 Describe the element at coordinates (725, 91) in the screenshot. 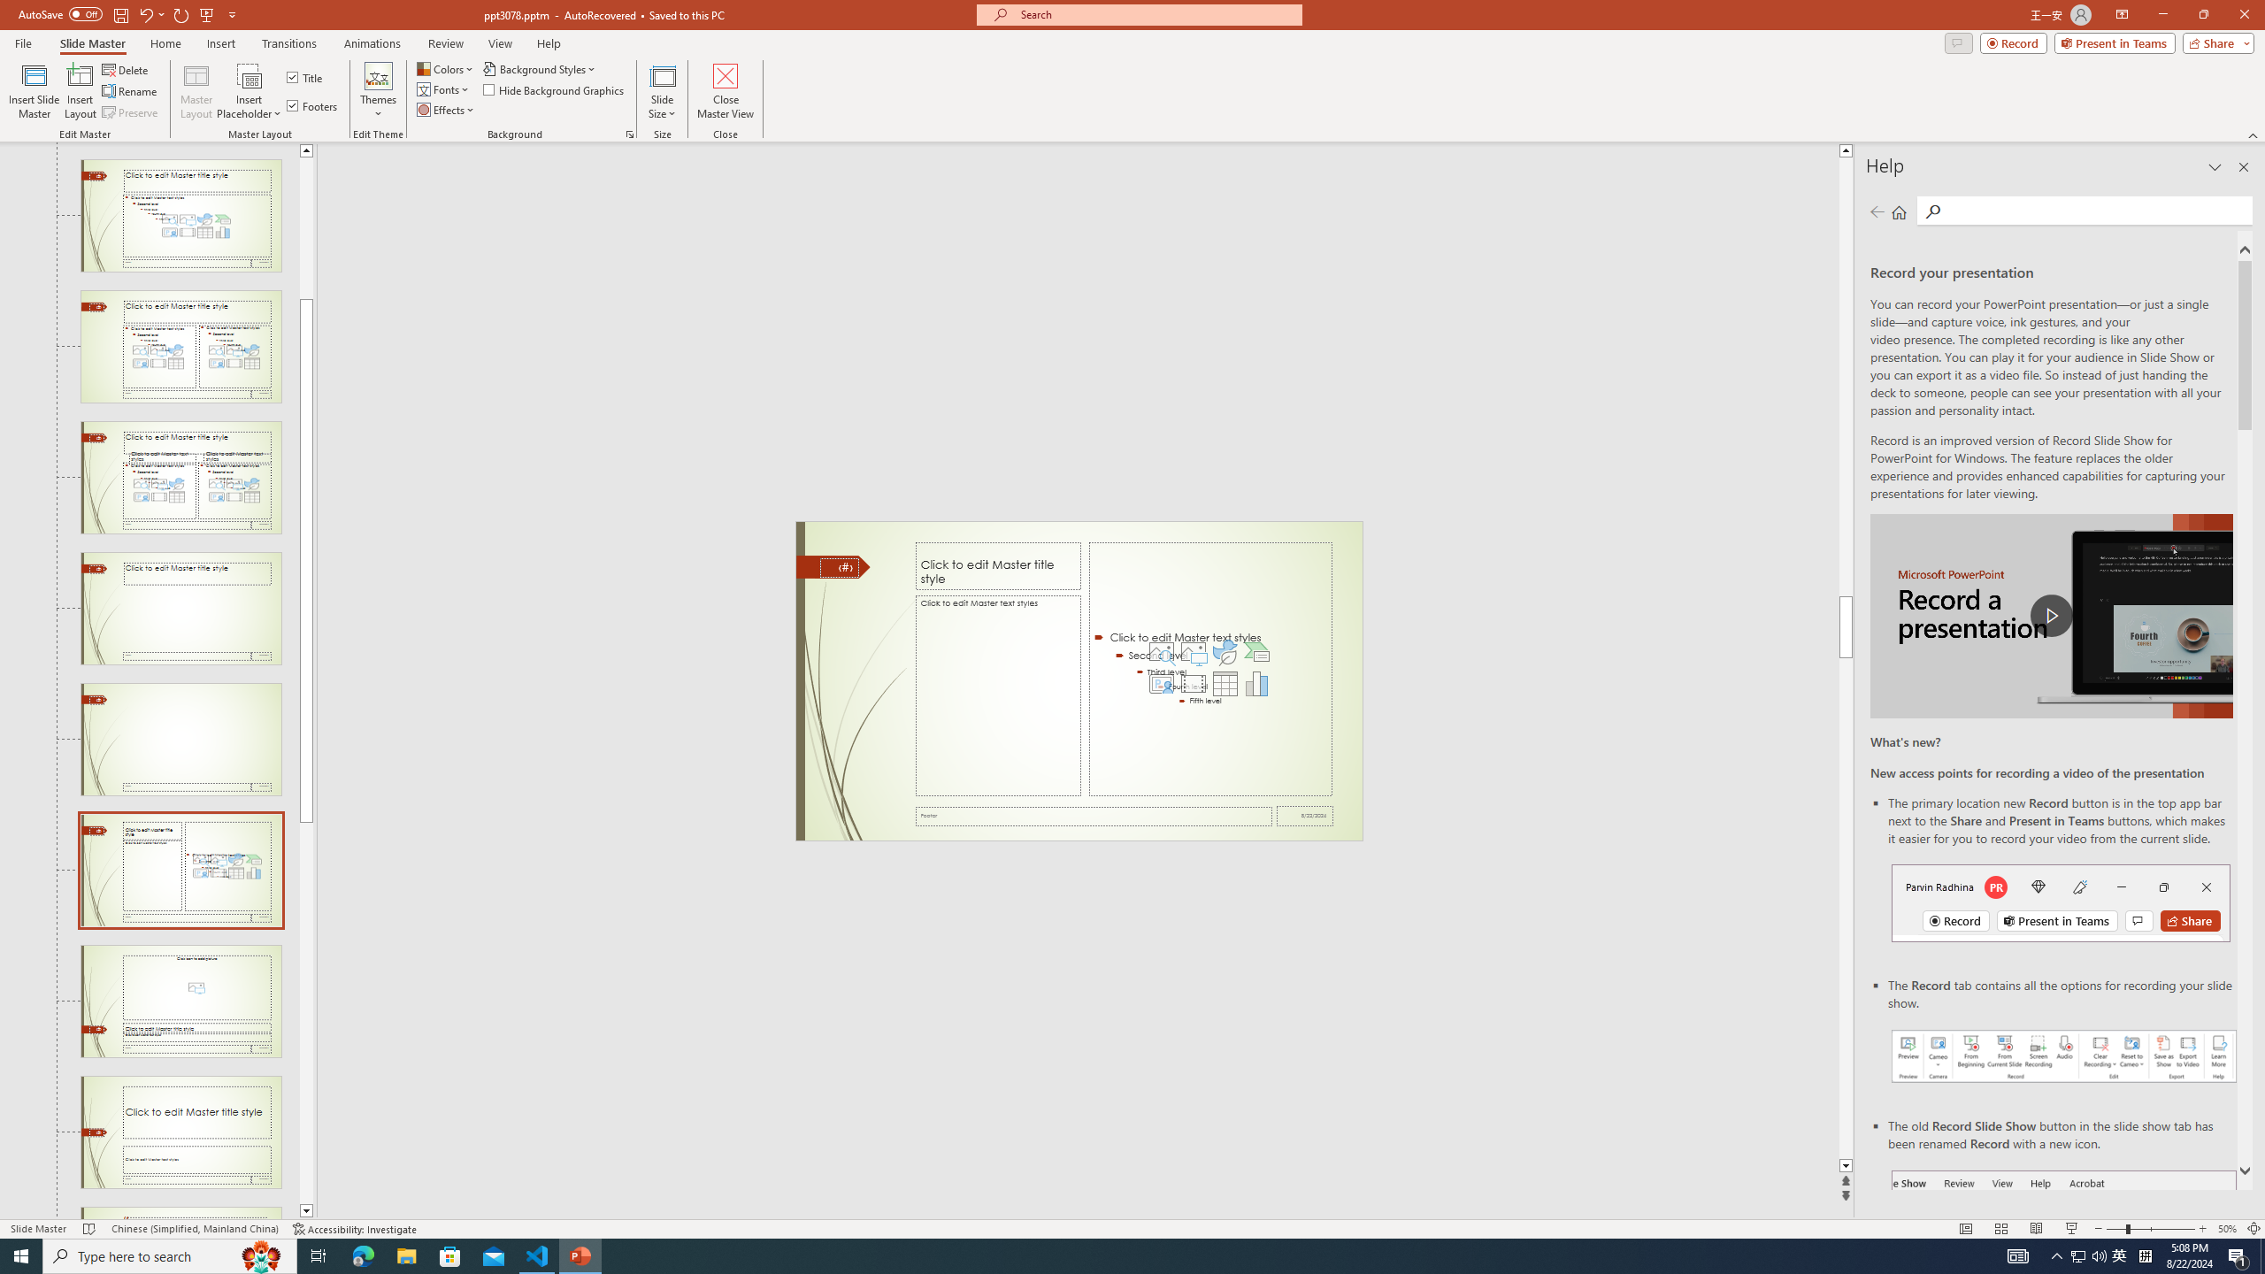

I see `'Close Master View'` at that location.